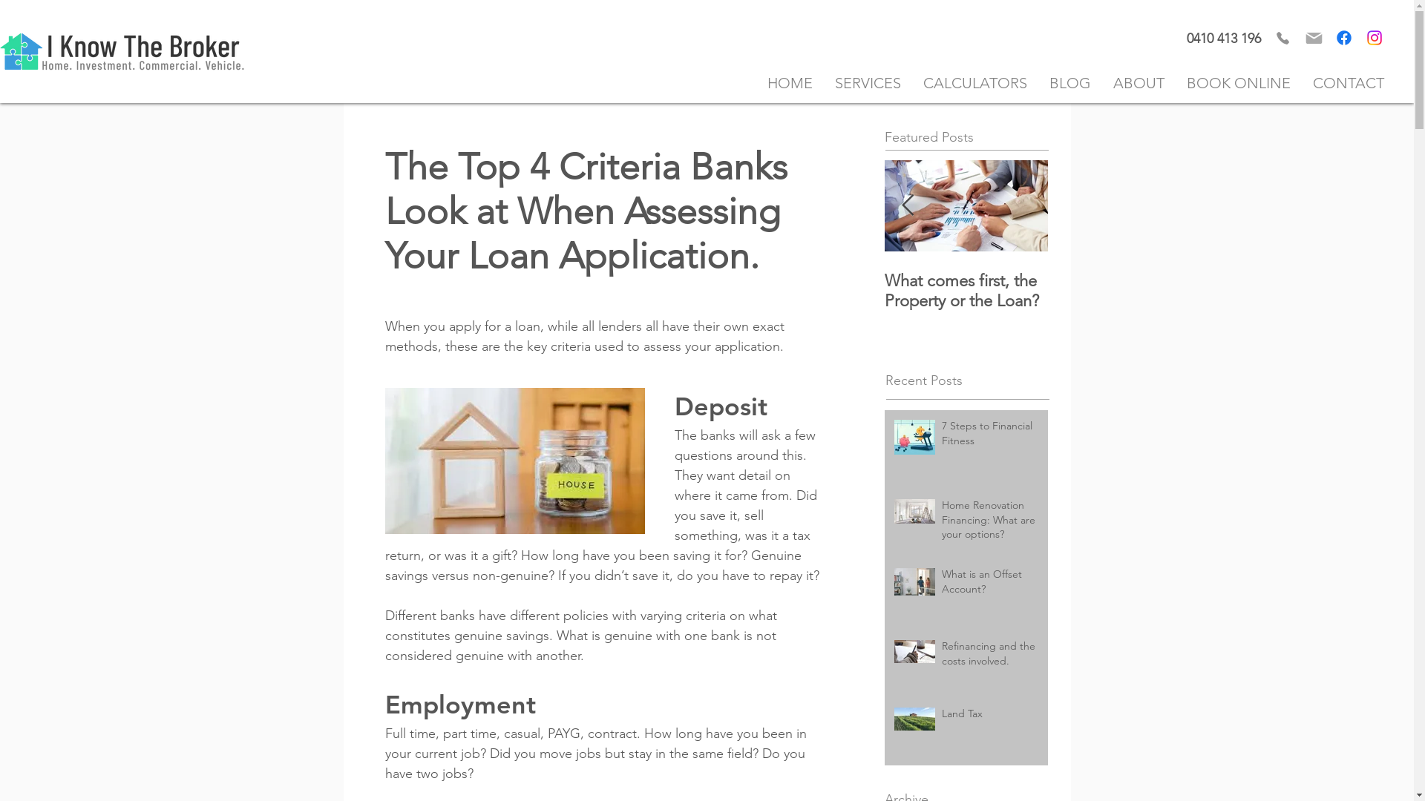 This screenshot has height=801, width=1425. I want to click on 'What is an Offset Account?', so click(991, 584).